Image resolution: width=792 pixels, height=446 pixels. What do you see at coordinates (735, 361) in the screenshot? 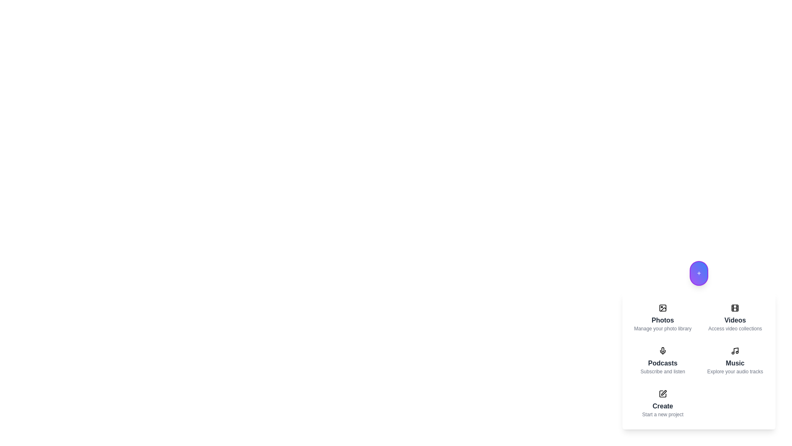
I see `the menu item corresponding to Music` at bounding box center [735, 361].